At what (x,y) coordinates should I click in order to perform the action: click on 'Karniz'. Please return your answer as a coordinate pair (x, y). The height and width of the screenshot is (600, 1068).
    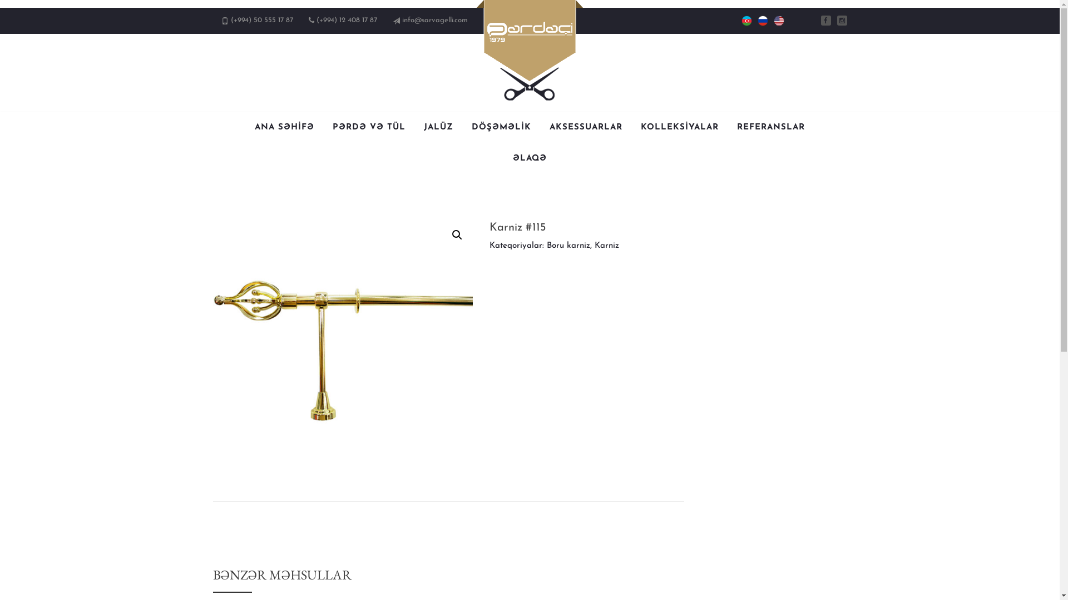
    Looking at the image, I should click on (594, 245).